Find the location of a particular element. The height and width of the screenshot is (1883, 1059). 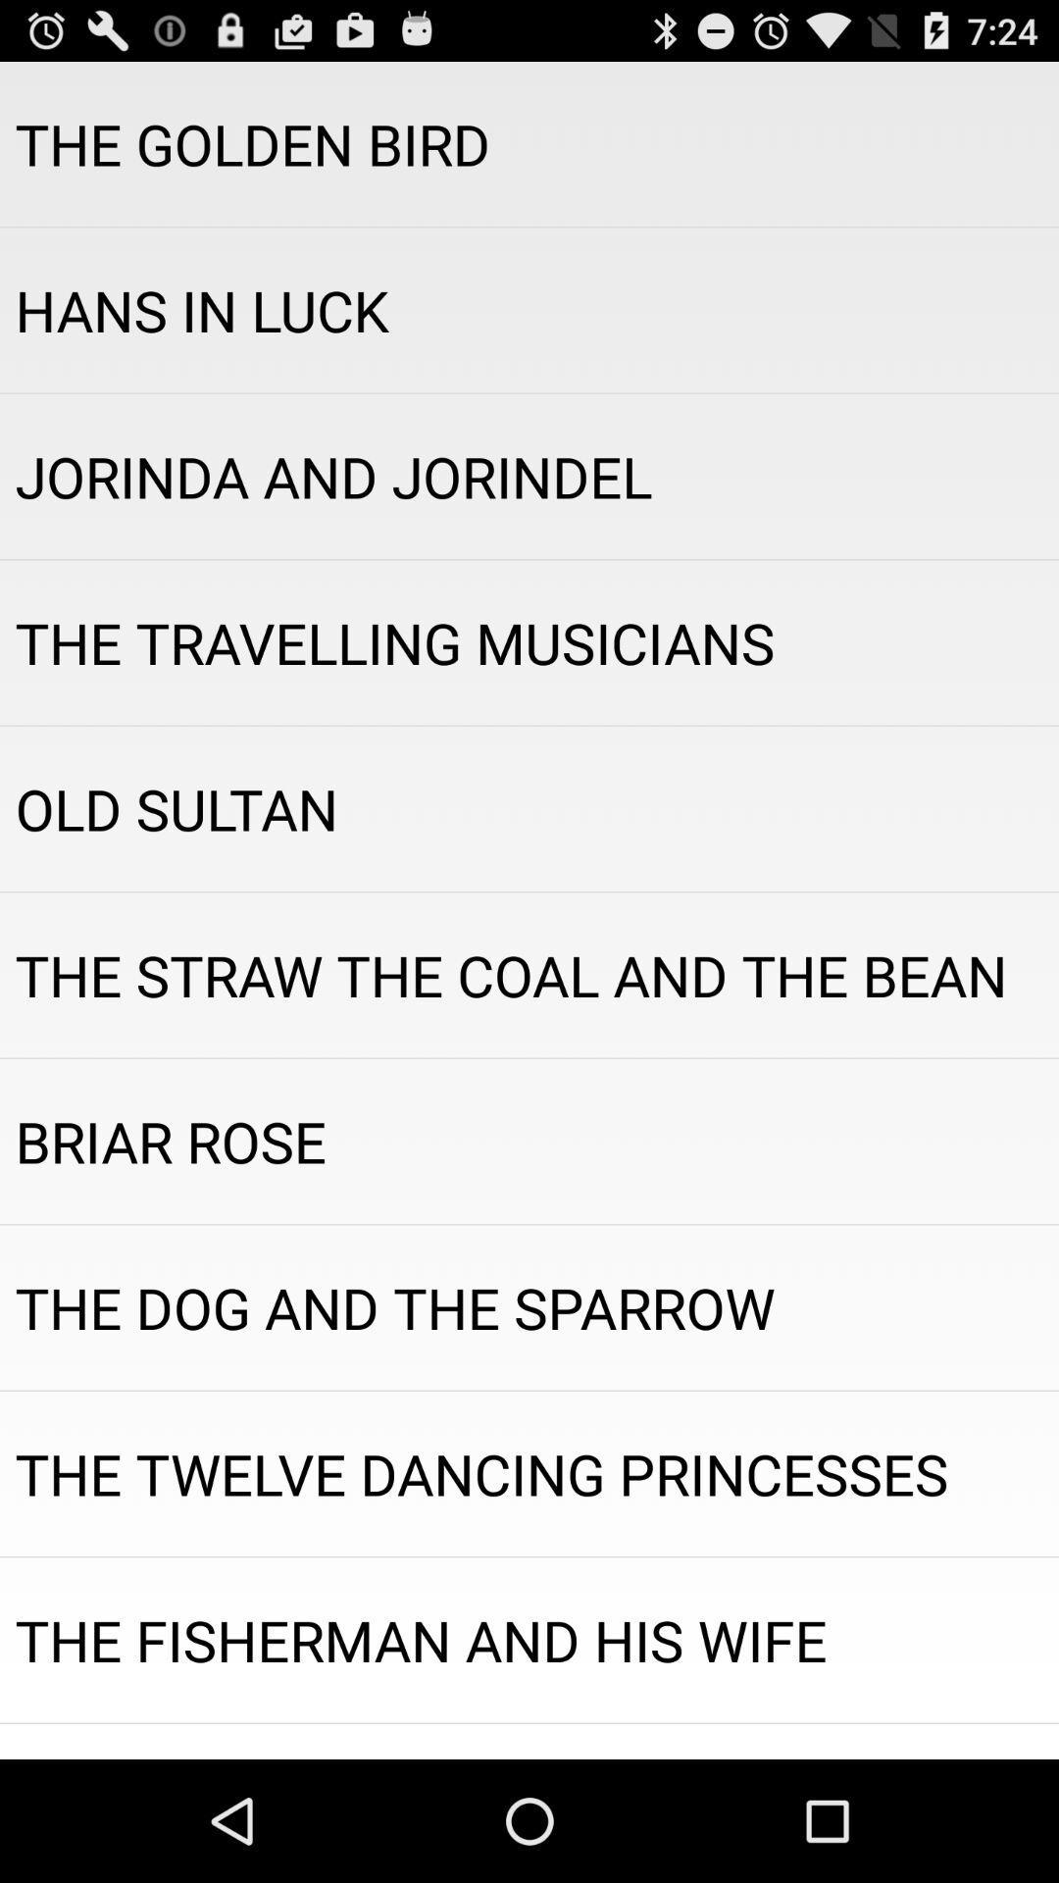

the app above the the travelling musicians app is located at coordinates (529, 476).